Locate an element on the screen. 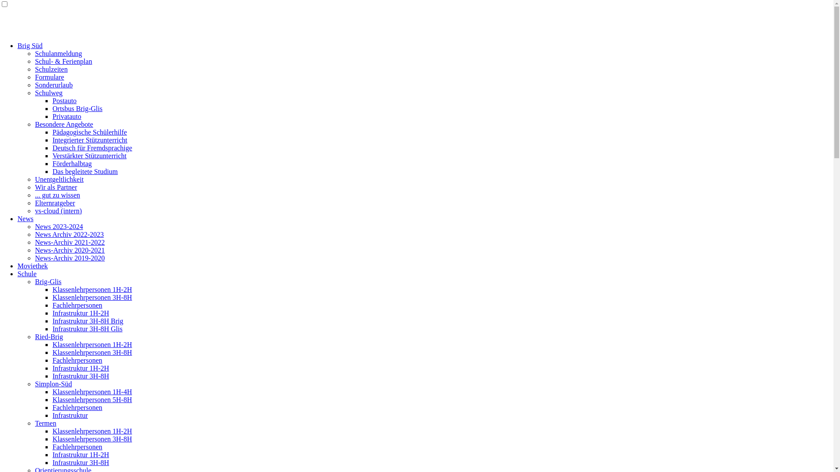 This screenshot has height=472, width=840. 'Termen' is located at coordinates (45, 423).